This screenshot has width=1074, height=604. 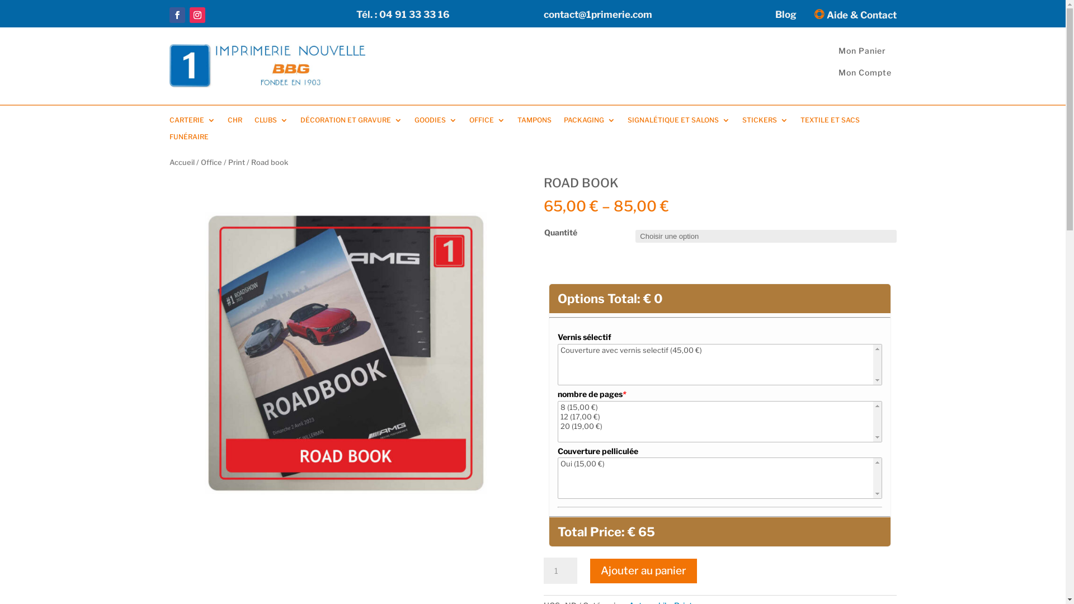 What do you see at coordinates (589, 122) in the screenshot?
I see `'PACKAGING'` at bounding box center [589, 122].